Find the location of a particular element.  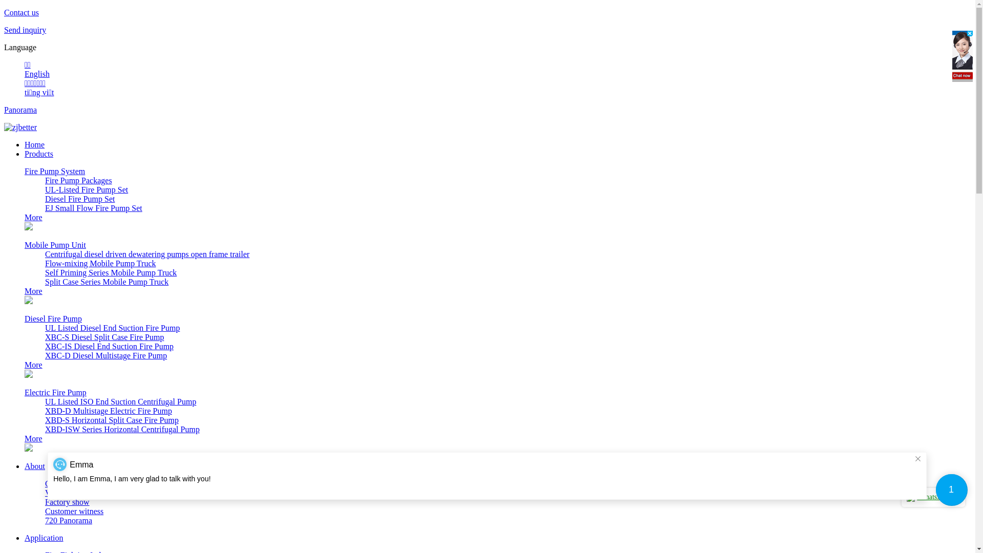

'XBC-S Diesel Split Case Fire Pump' is located at coordinates (104, 337).